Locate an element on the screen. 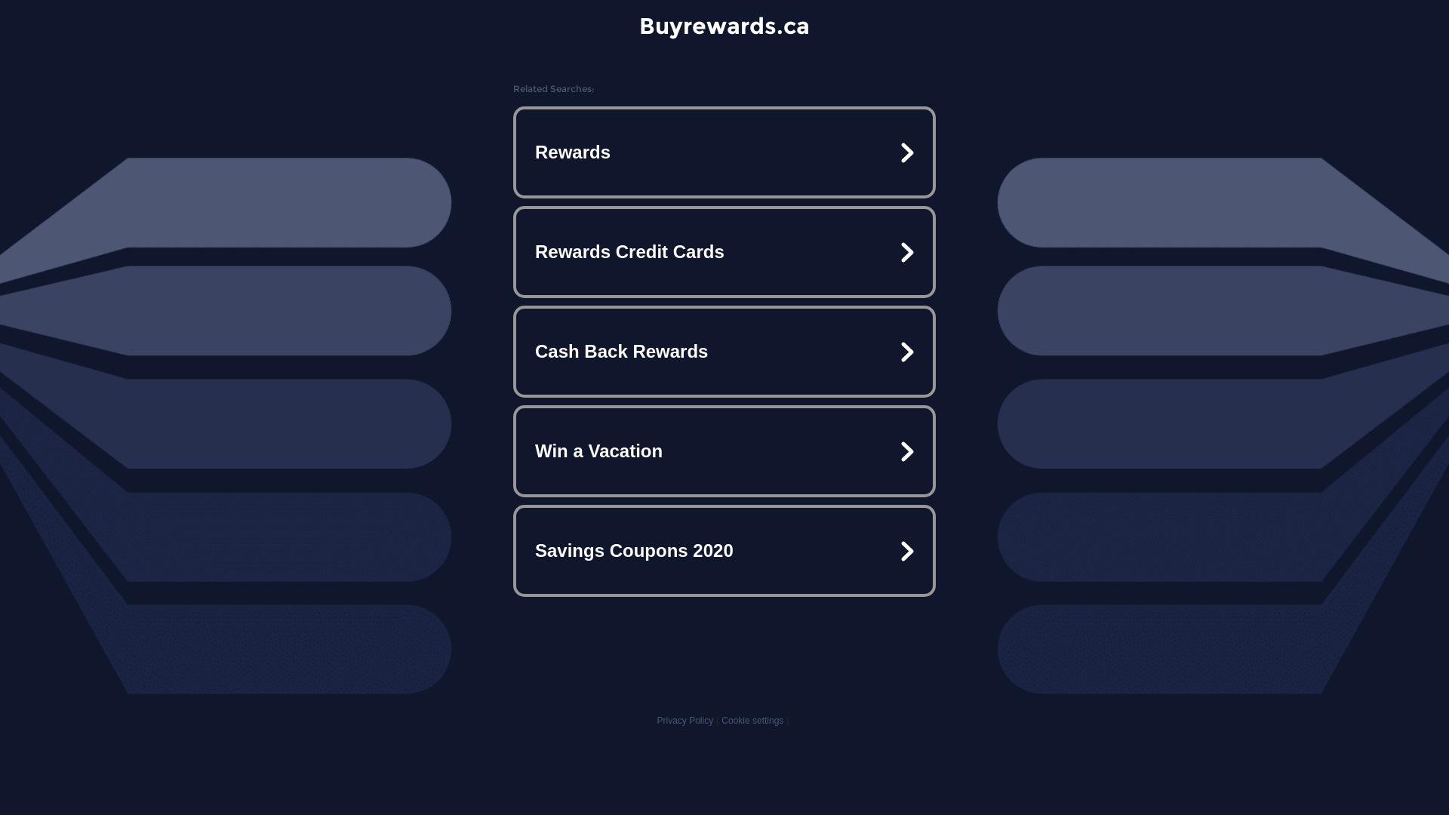 This screenshot has width=1449, height=815. 'Privacy Policy' is located at coordinates (684, 720).